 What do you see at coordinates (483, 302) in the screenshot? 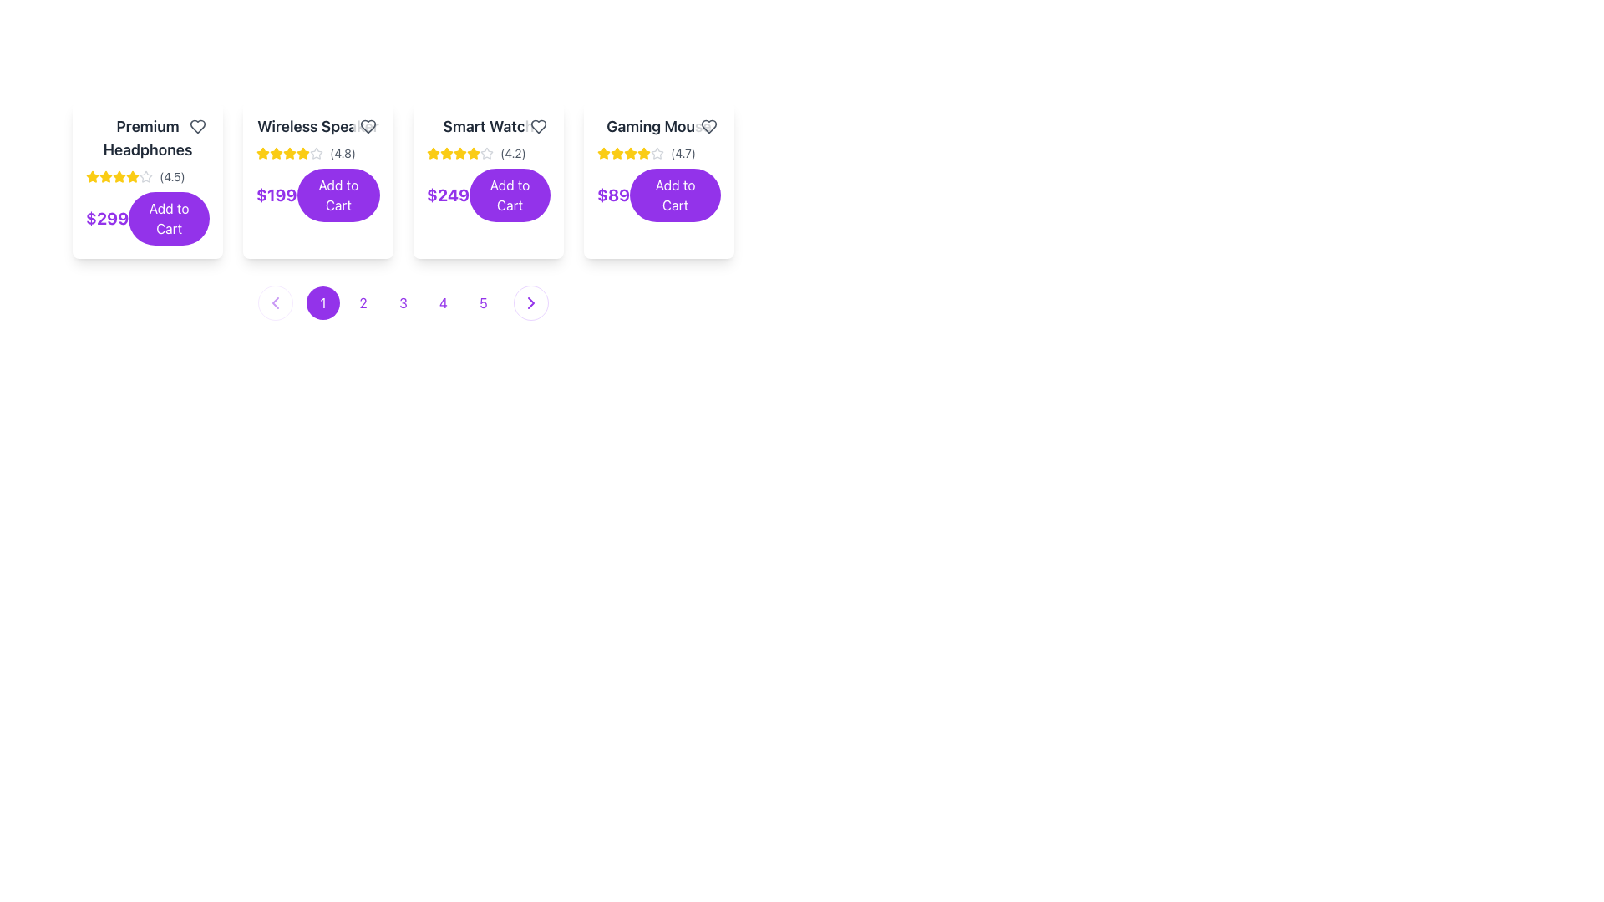
I see `the circular button styled with a purple number '5'` at bounding box center [483, 302].